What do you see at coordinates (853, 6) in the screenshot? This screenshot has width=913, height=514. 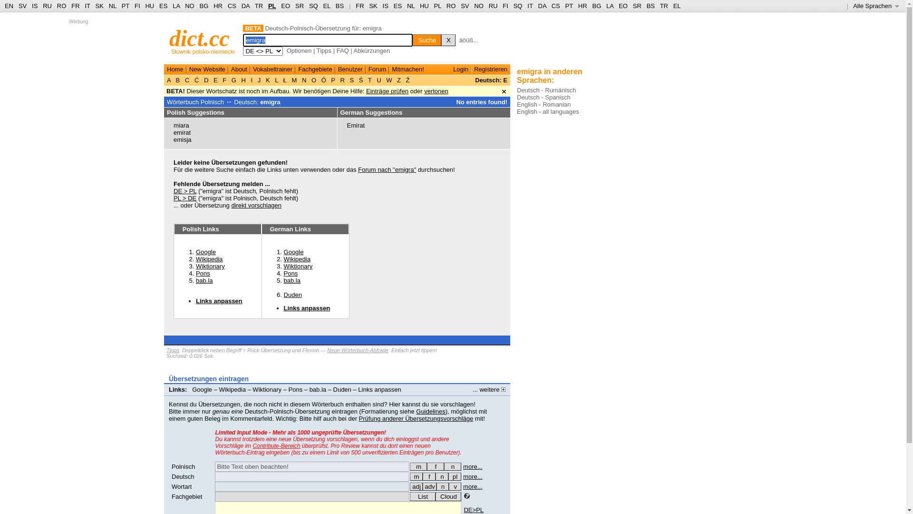 I see `'Alle Sprachen '` at bounding box center [853, 6].